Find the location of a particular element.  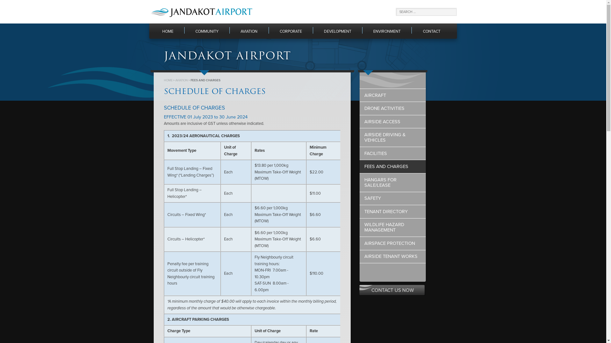

'AIRSIDE DRIVING & VEHICLES' is located at coordinates (392, 137).